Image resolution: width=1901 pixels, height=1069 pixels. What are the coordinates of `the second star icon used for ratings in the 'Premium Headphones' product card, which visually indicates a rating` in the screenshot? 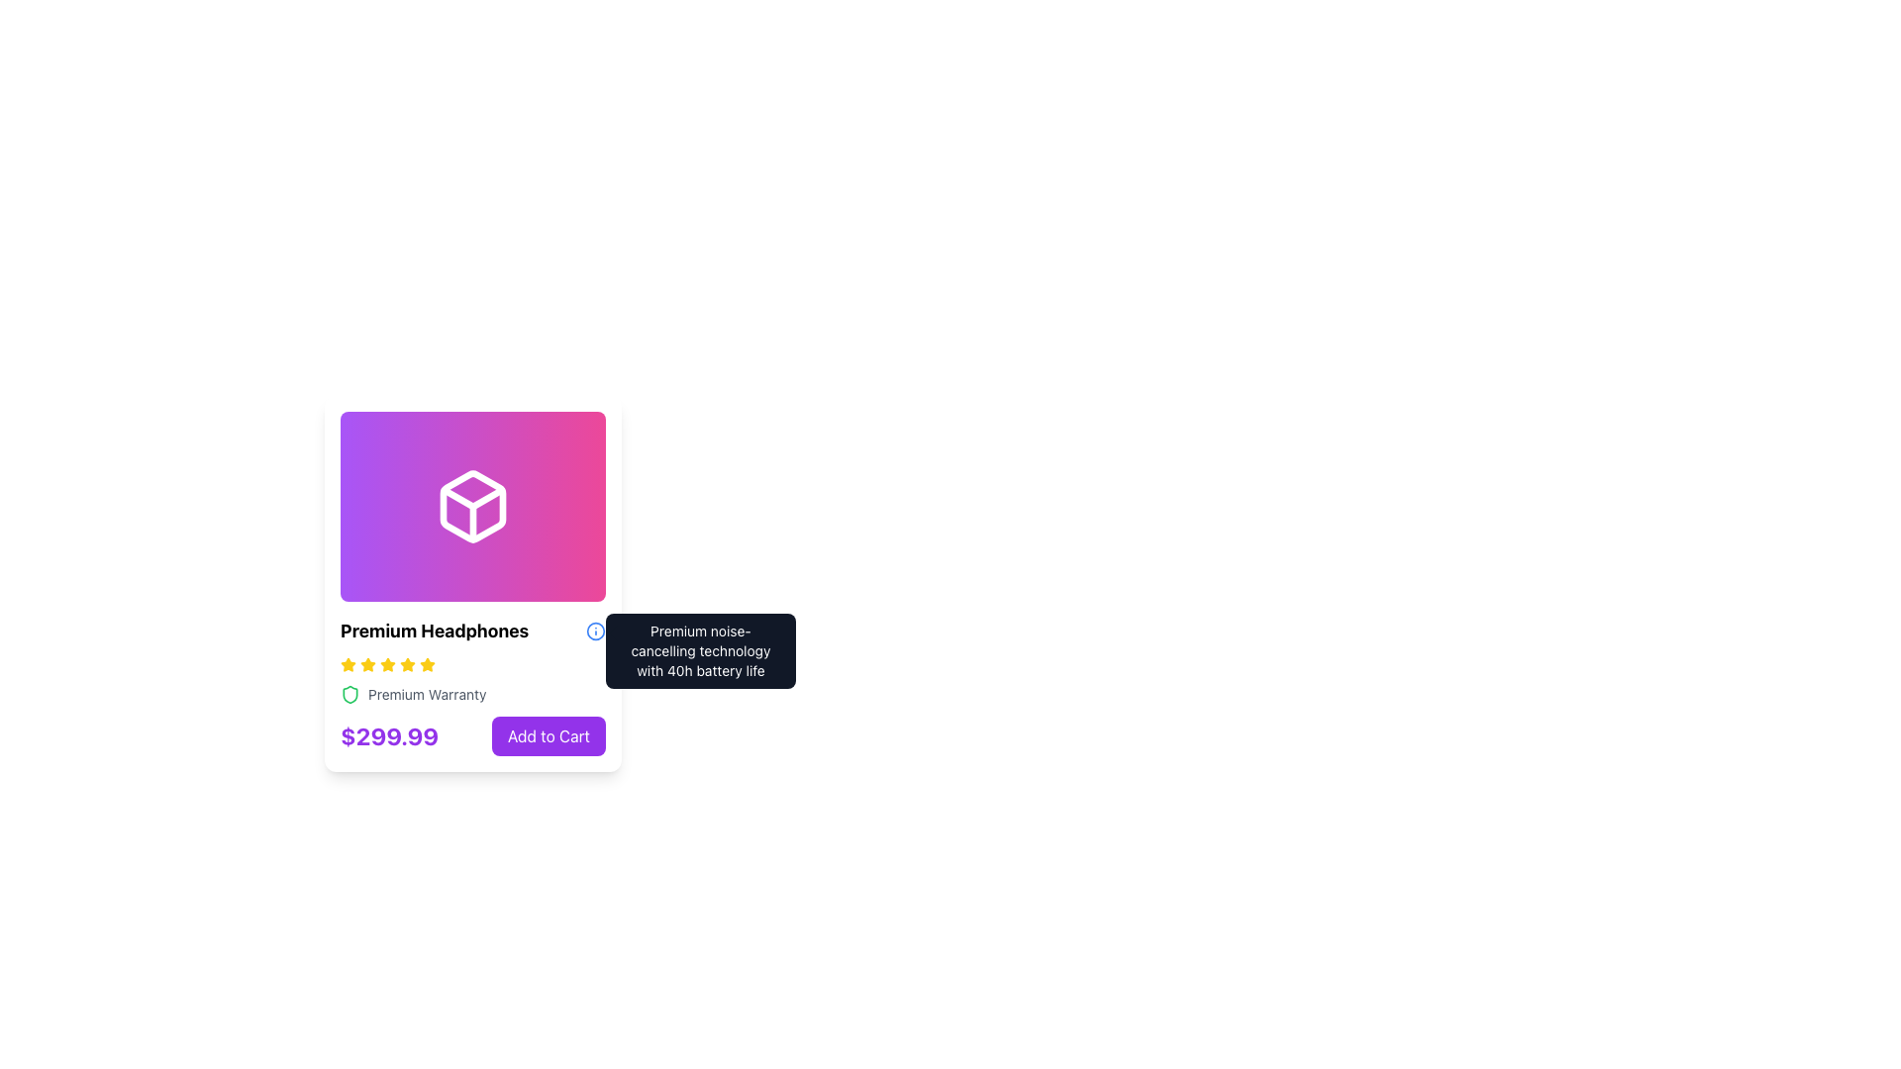 It's located at (348, 664).